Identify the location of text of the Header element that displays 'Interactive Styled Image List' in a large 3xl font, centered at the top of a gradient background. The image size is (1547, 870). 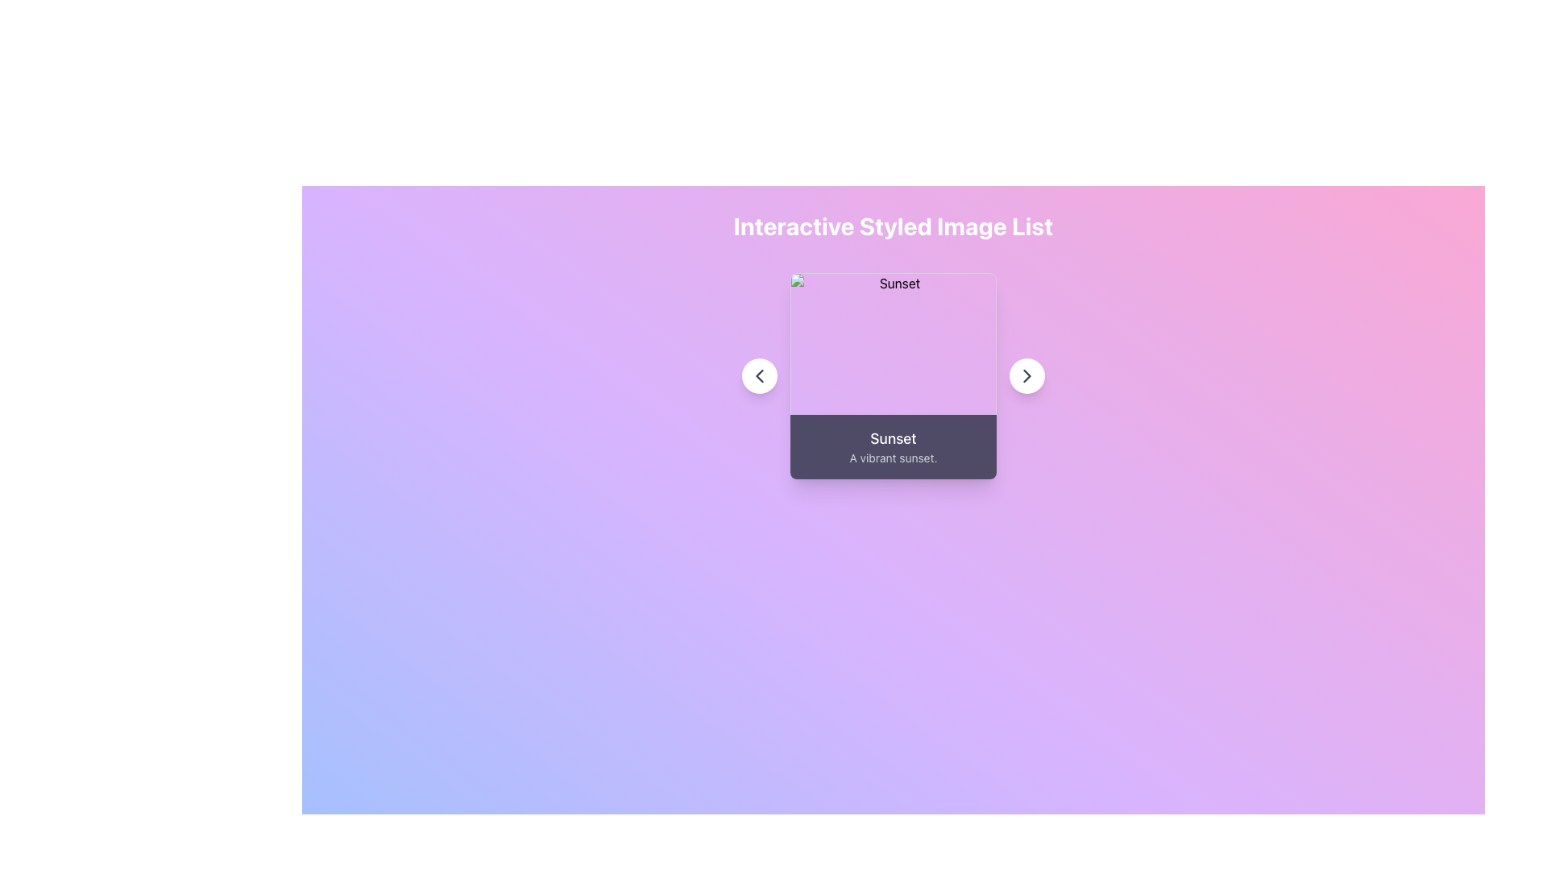
(892, 226).